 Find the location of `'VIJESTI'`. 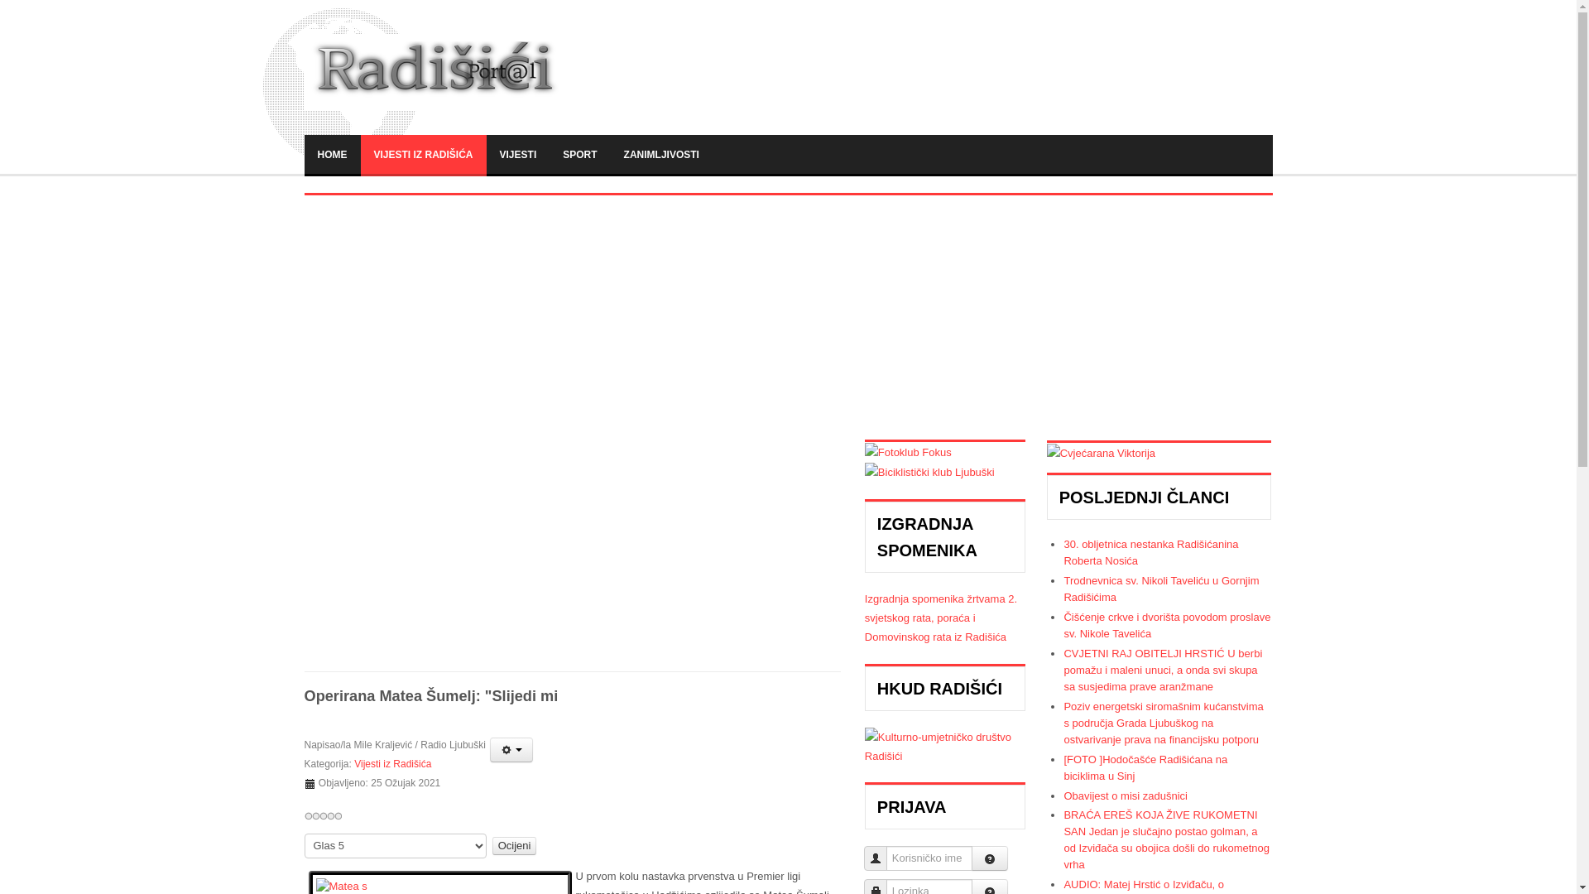

'VIJESTI' is located at coordinates (517, 154).